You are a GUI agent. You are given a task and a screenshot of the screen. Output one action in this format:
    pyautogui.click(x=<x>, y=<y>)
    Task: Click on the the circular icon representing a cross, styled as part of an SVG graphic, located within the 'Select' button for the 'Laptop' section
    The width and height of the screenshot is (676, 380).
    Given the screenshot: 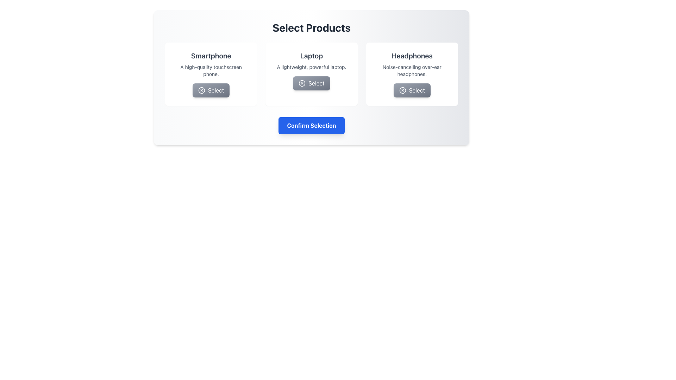 What is the action you would take?
    pyautogui.click(x=302, y=83)
    